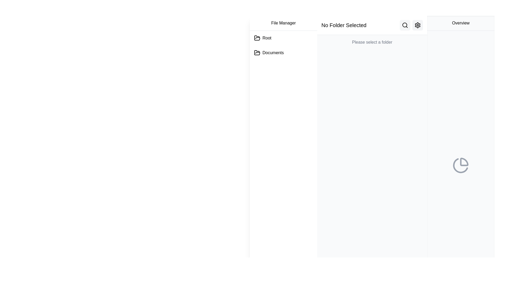 The image size is (505, 284). What do you see at coordinates (257, 53) in the screenshot?
I see `the 'Documents' folder icon located on the left navigation panel, which is visually represented by an icon directly to the left of the 'Documents' text` at bounding box center [257, 53].